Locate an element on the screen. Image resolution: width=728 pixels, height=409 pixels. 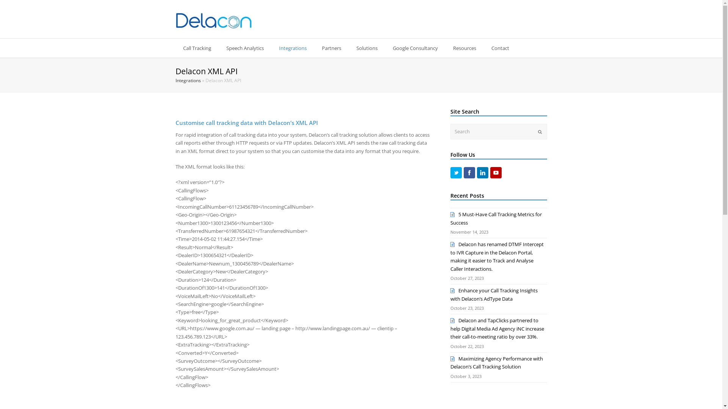
'LinkedIn' is located at coordinates (482, 172).